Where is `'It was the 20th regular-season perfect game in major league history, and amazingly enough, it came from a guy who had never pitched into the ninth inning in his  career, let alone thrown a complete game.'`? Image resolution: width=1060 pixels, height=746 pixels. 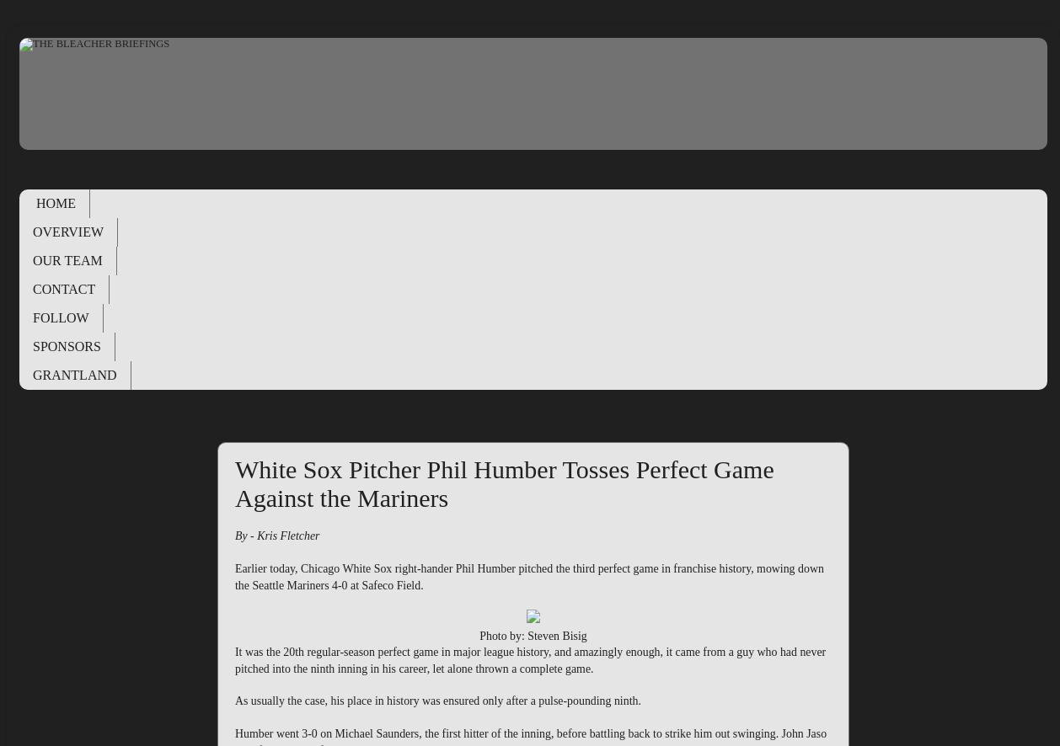
'It was the 20th regular-season perfect game in major league history, and amazingly enough, it came from a guy who had never pitched into the ninth inning in his  career, let alone thrown a complete game.' is located at coordinates (530, 659).